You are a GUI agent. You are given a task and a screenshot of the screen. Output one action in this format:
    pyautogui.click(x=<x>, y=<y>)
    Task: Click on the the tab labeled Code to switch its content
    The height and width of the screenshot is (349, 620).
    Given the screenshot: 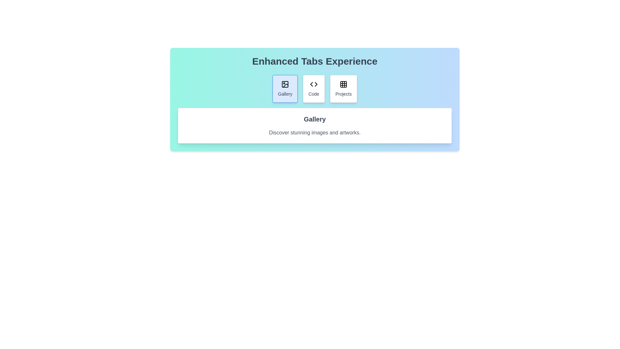 What is the action you would take?
    pyautogui.click(x=314, y=89)
    